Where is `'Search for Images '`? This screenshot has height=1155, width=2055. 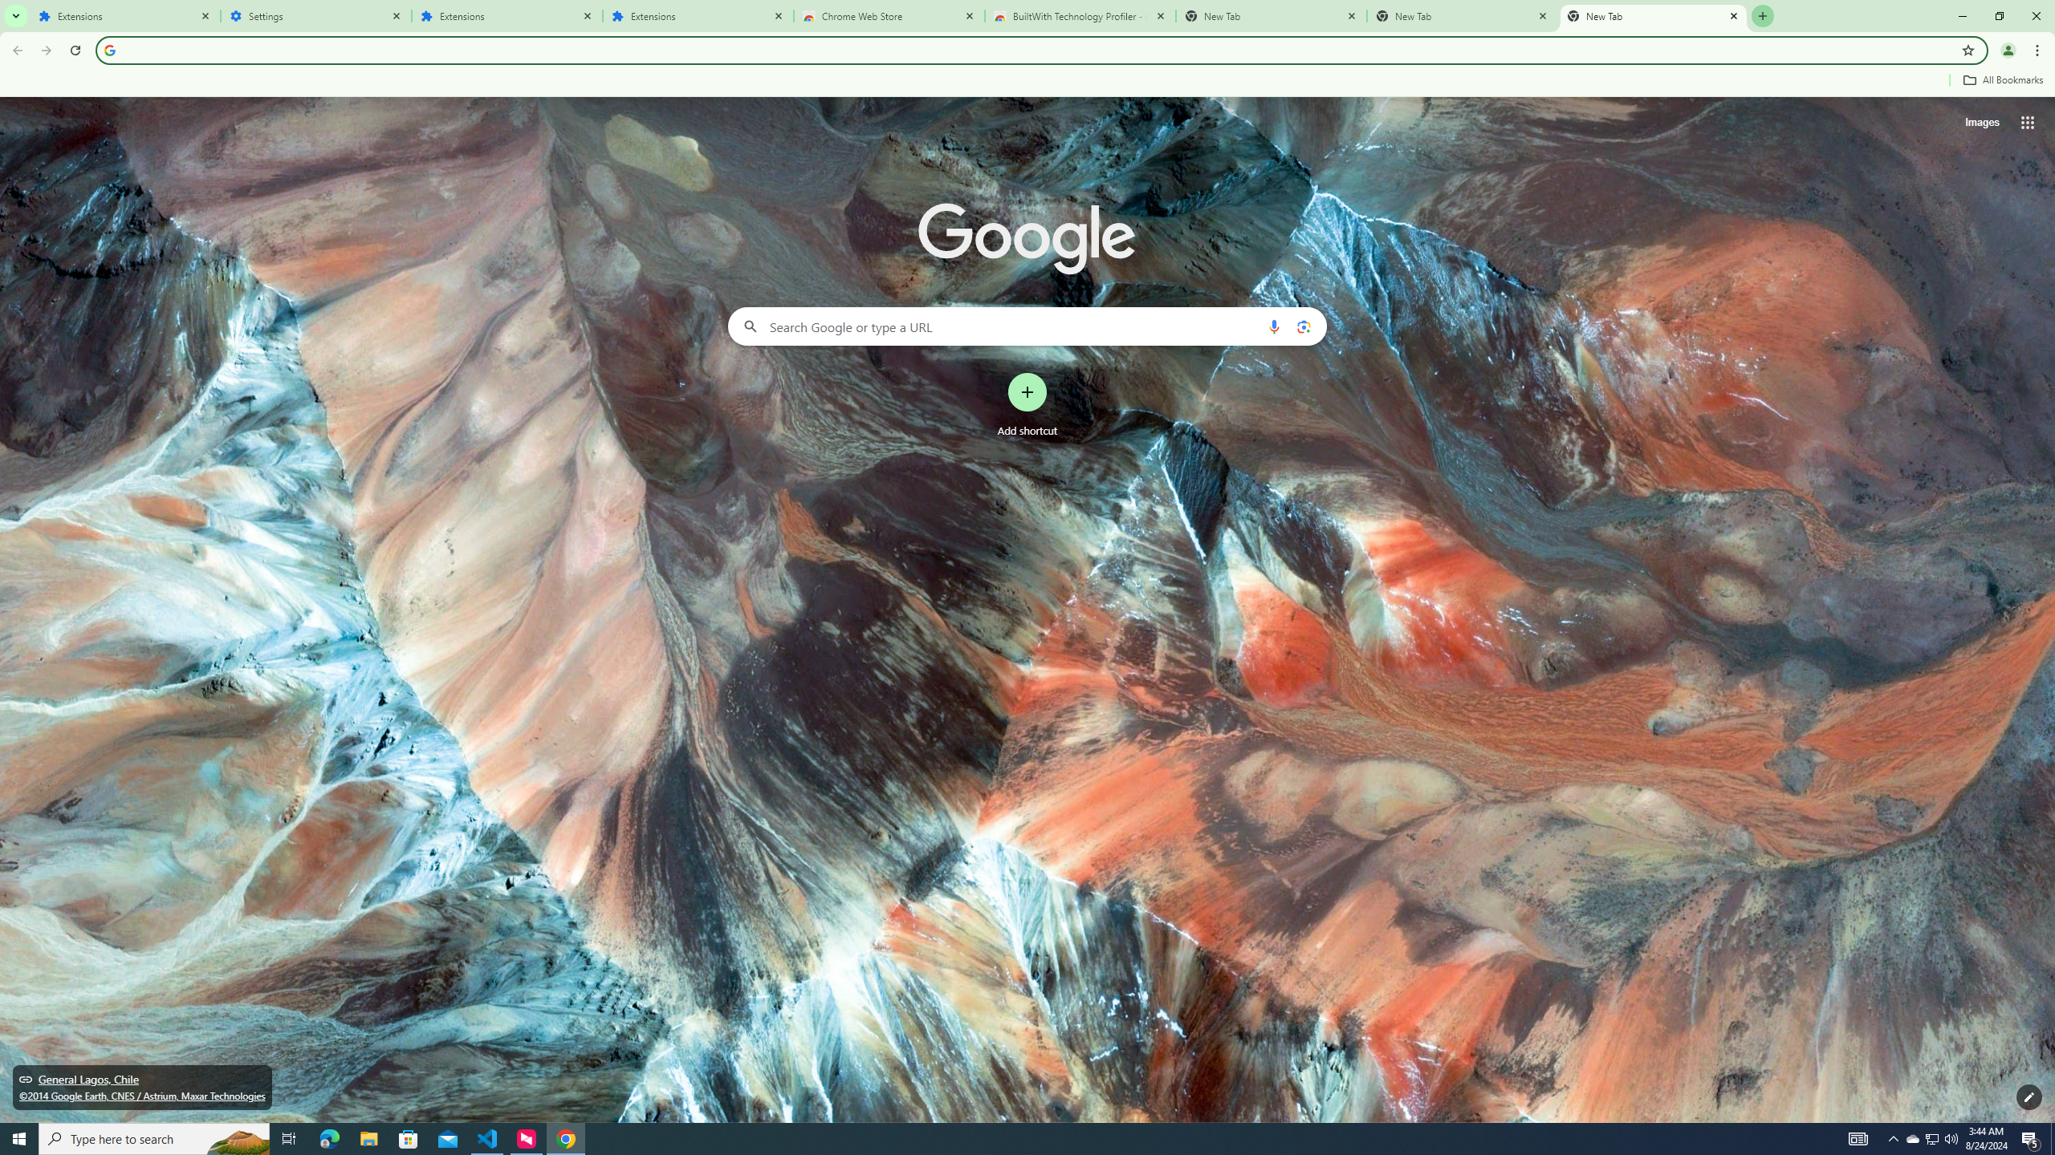
'Search for Images ' is located at coordinates (1982, 123).